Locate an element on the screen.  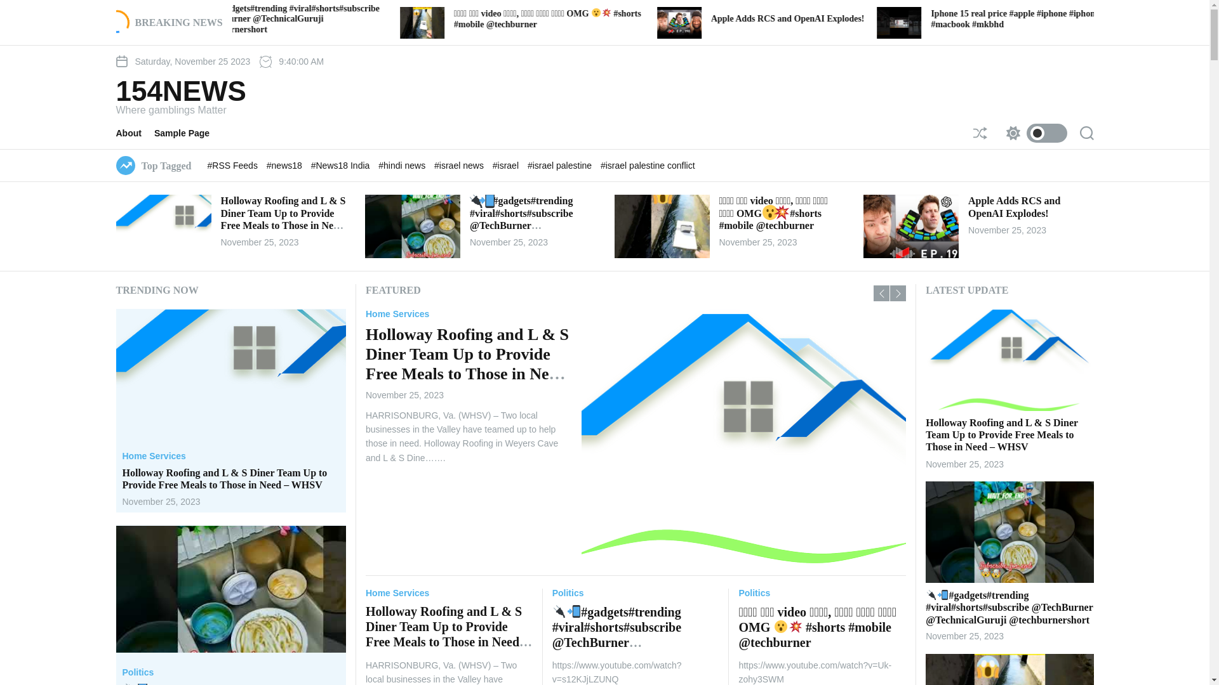
'Search' is located at coordinates (1078, 133).